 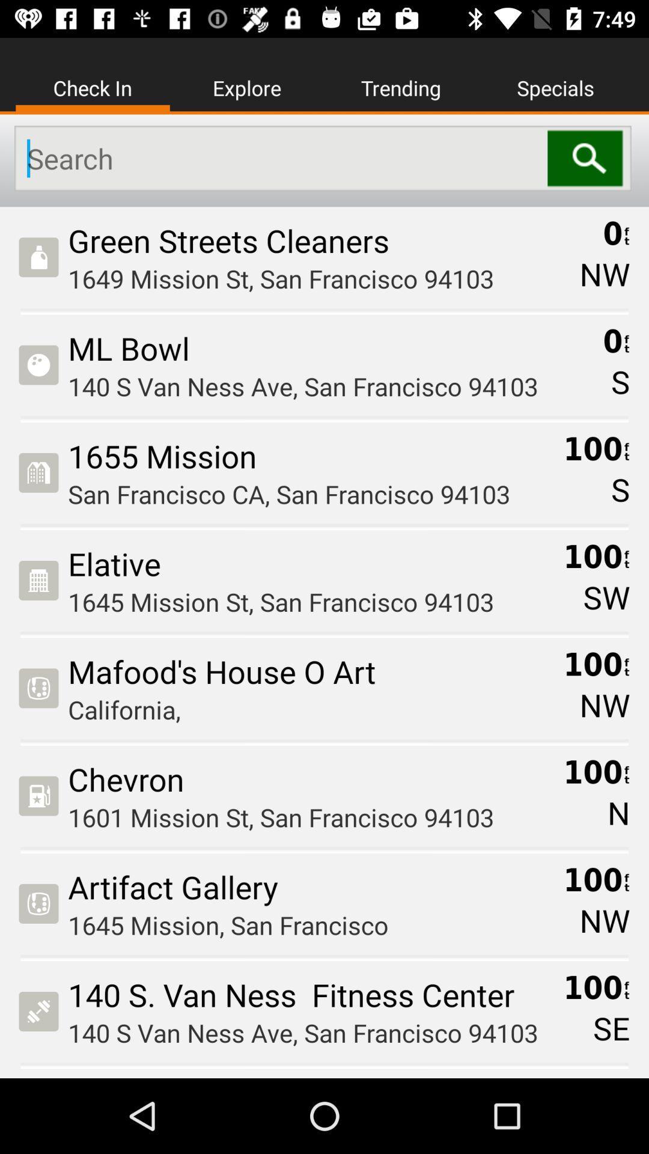 I want to click on the california,   icon, so click(x=311, y=709).